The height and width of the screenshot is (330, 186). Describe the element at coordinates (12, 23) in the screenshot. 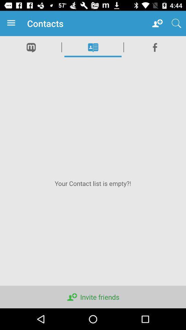

I see `the item to the left of the contacts icon` at that location.